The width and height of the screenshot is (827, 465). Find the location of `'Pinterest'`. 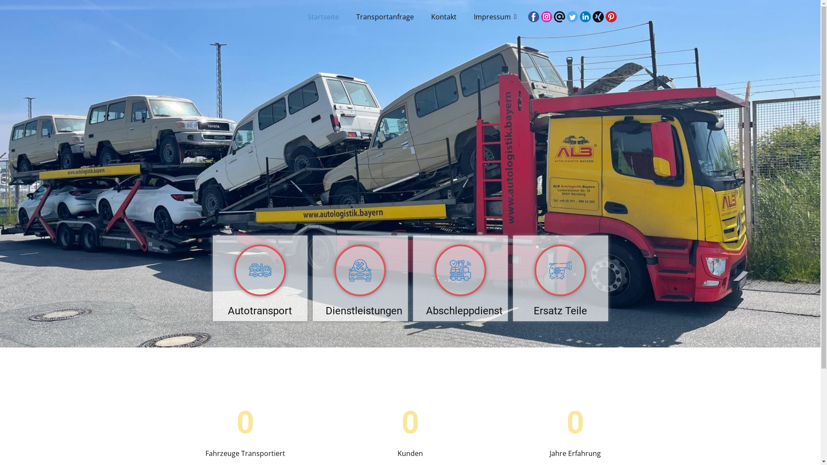

'Pinterest' is located at coordinates (605, 16).